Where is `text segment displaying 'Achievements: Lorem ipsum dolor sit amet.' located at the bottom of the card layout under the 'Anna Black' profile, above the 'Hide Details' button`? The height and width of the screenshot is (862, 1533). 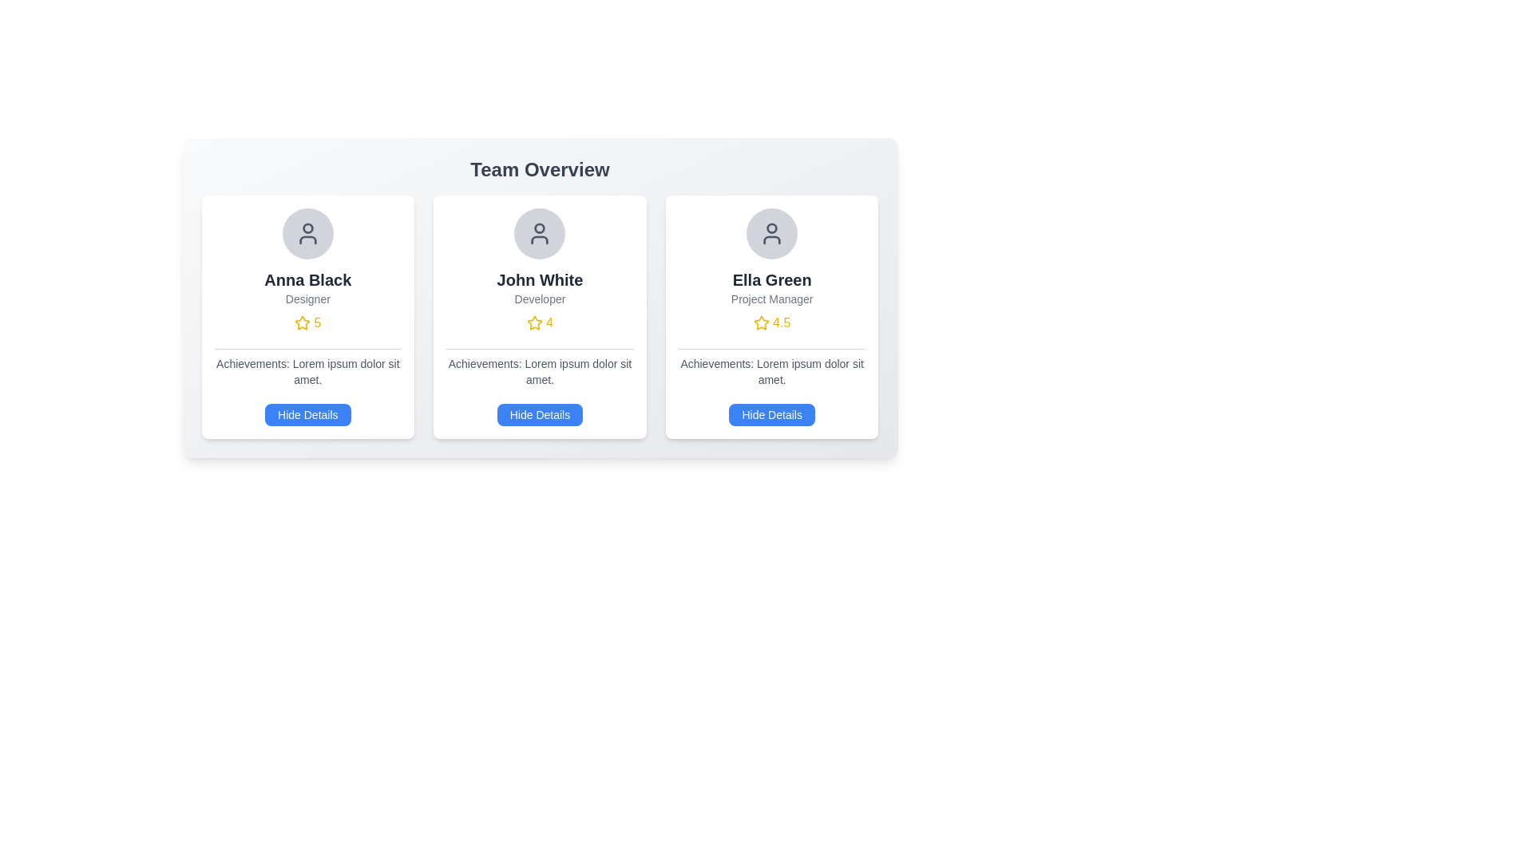
text segment displaying 'Achievements: Lorem ipsum dolor sit amet.' located at the bottom of the card layout under the 'Anna Black' profile, above the 'Hide Details' button is located at coordinates (307, 372).